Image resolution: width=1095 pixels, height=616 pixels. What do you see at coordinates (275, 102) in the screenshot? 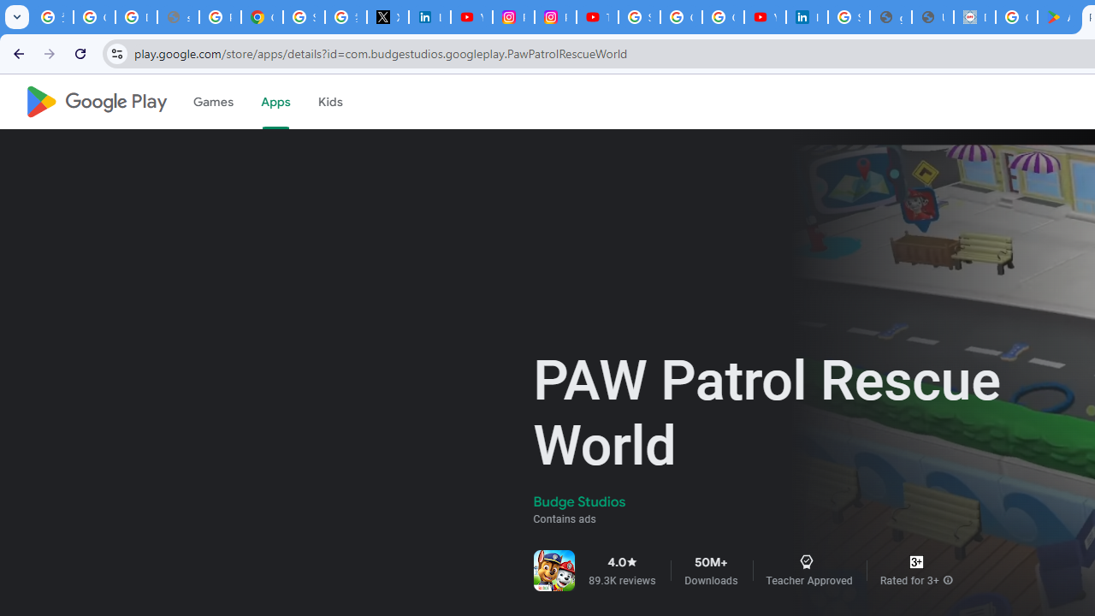
I see `'Apps'` at bounding box center [275, 102].